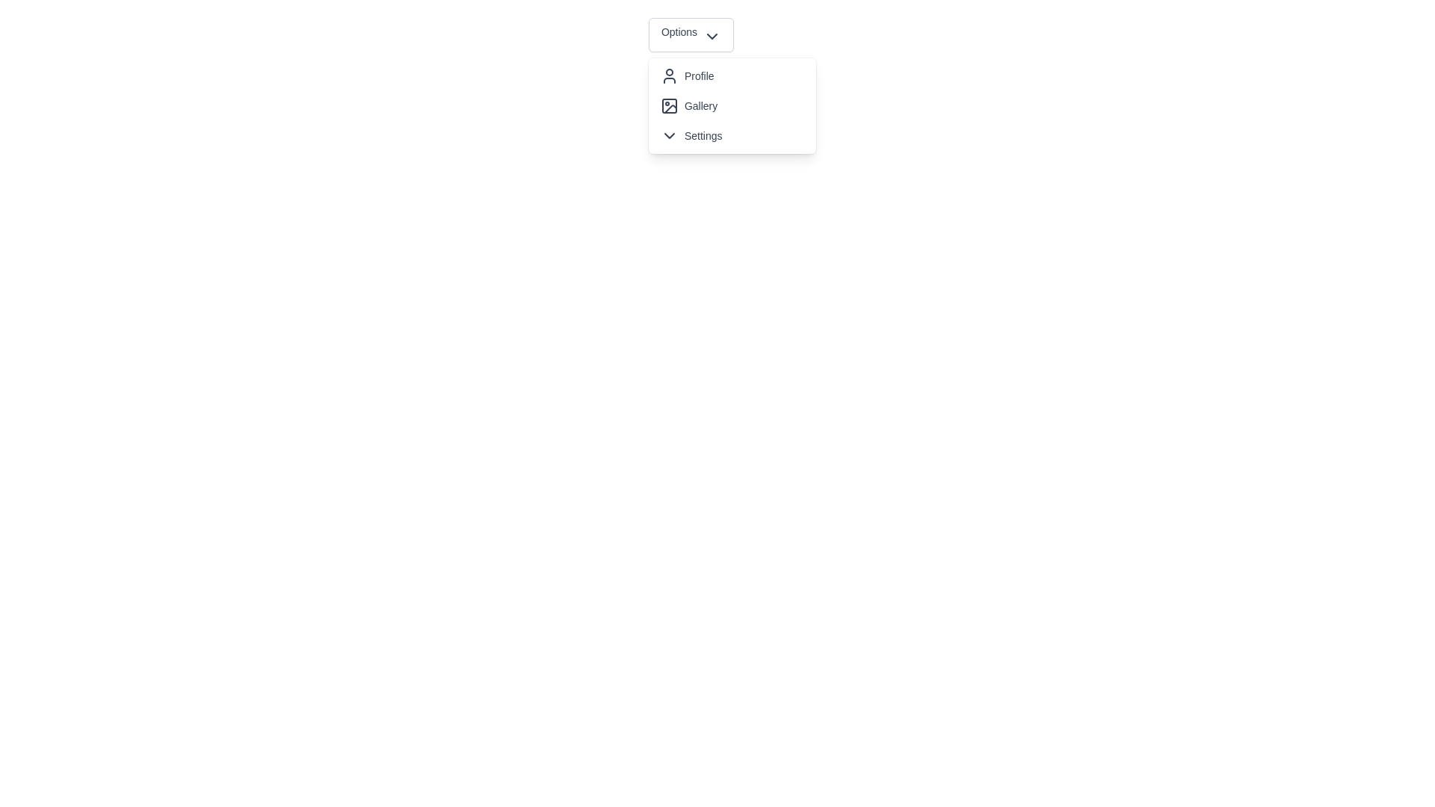 The width and height of the screenshot is (1435, 807). Describe the element at coordinates (712, 36) in the screenshot. I see `the downward-pointing chevron icon located to the right of the 'Options' label to interact with the dropdown menu` at that location.